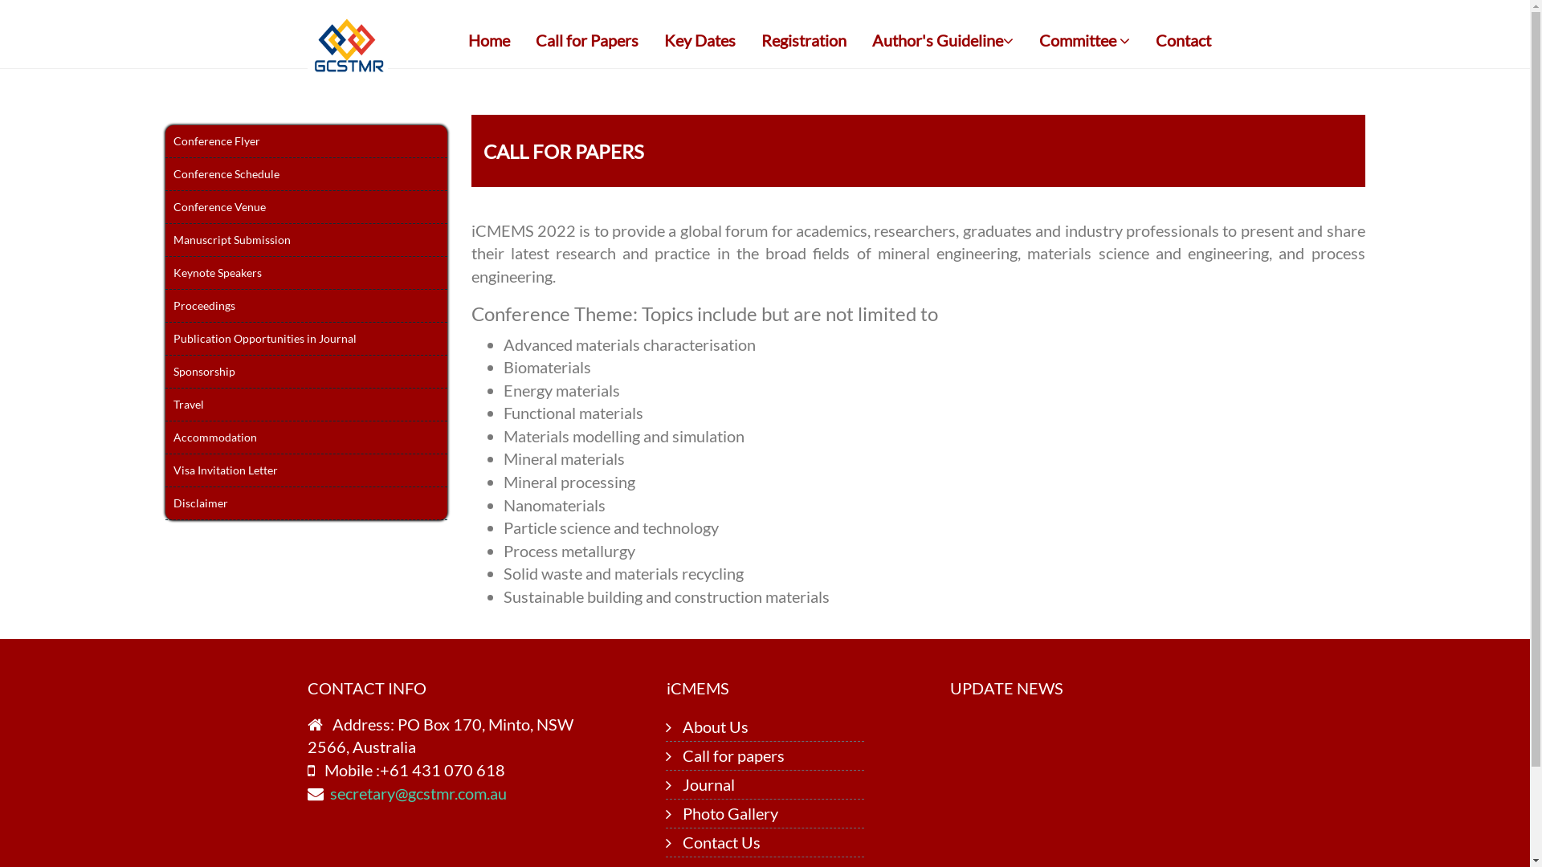 Image resolution: width=1542 pixels, height=867 pixels. Describe the element at coordinates (488, 39) in the screenshot. I see `'Home'` at that location.